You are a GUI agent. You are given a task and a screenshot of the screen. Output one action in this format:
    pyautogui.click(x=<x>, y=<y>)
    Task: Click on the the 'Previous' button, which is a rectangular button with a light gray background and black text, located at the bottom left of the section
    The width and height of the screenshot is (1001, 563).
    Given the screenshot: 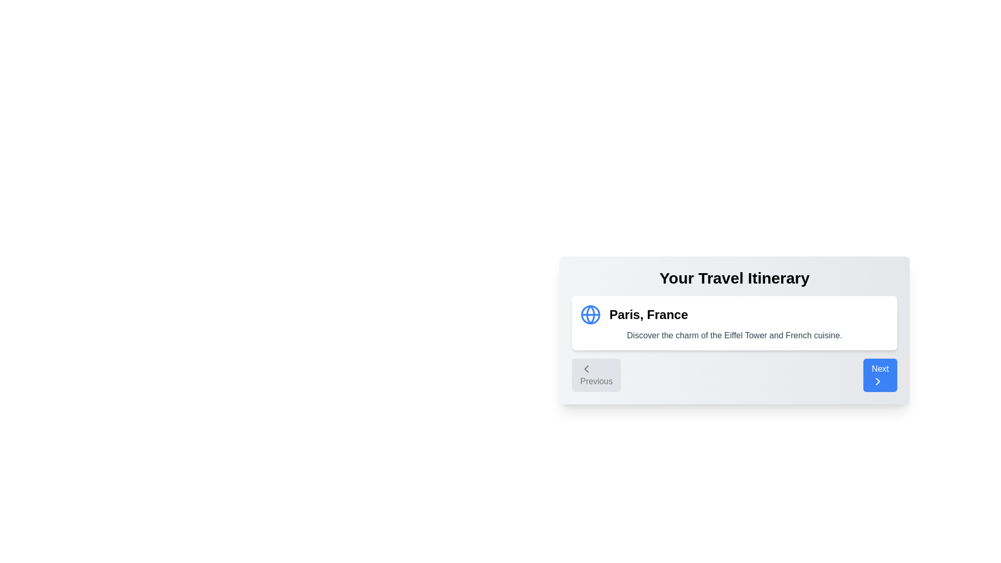 What is the action you would take?
    pyautogui.click(x=596, y=375)
    